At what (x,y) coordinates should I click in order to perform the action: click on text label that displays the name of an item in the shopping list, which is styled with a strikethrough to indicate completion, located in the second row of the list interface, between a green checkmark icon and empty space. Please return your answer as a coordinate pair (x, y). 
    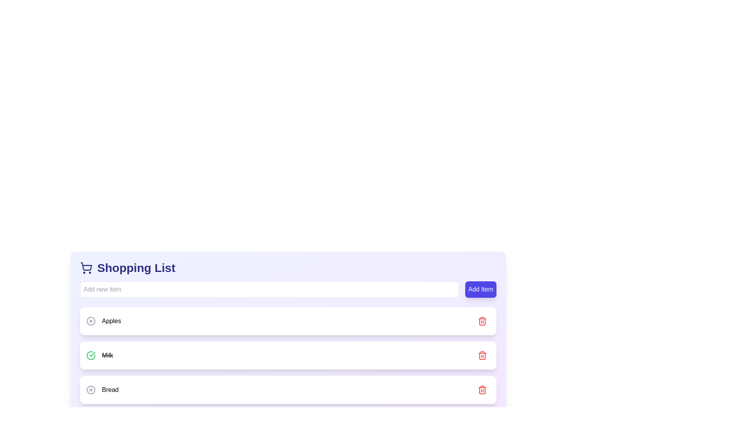
    Looking at the image, I should click on (107, 356).